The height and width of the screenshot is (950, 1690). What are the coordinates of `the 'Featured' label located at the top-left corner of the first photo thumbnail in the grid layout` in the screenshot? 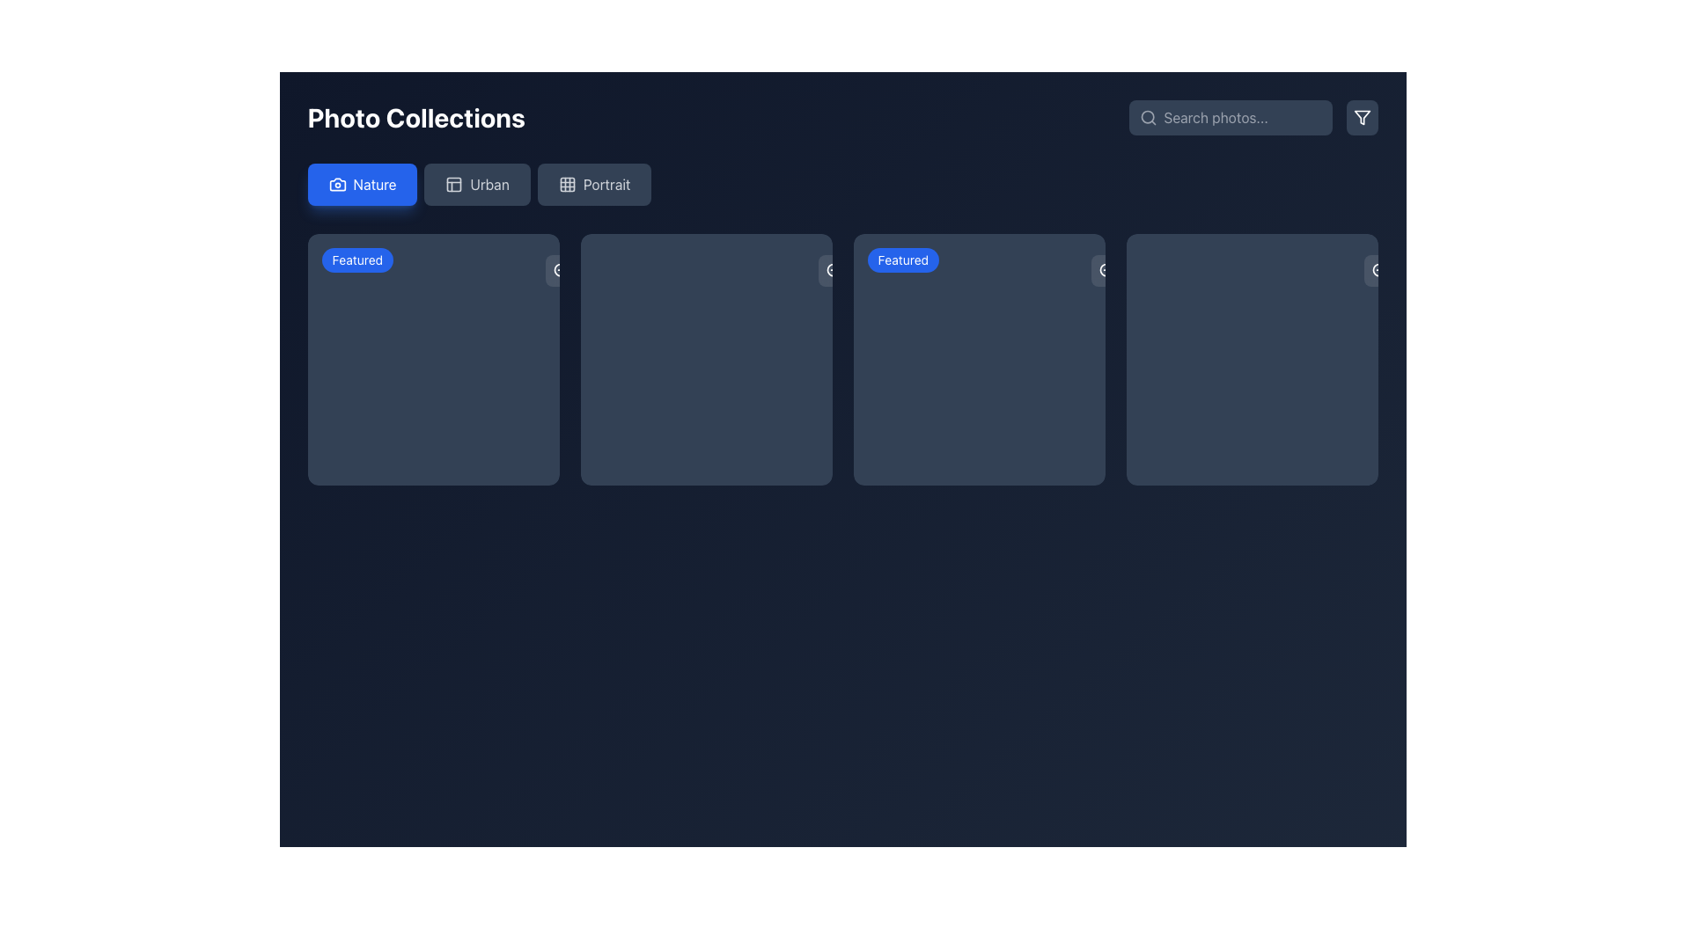 It's located at (356, 260).